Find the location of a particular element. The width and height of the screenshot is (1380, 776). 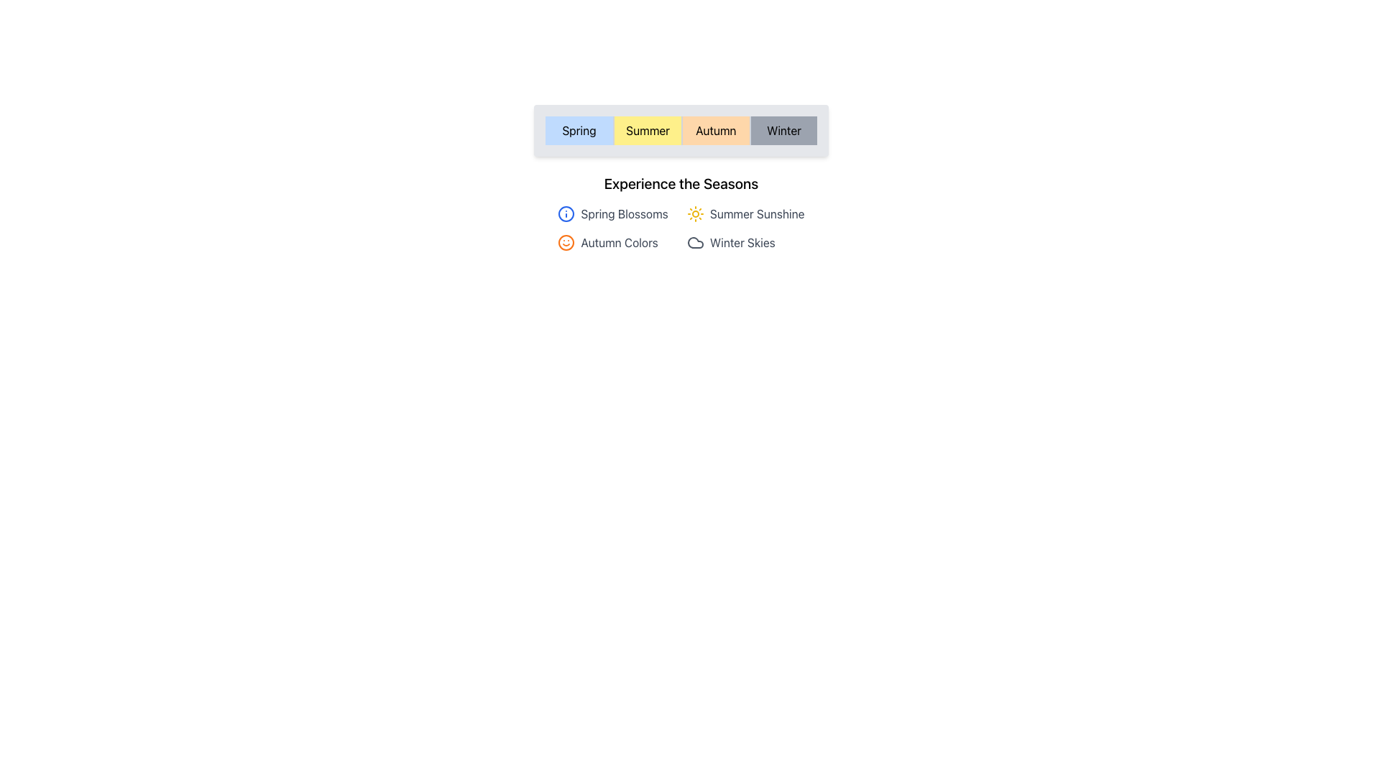

the 'Winter' button, which is the last button in a horizontal row of four season-named buttons is located at coordinates (783, 130).